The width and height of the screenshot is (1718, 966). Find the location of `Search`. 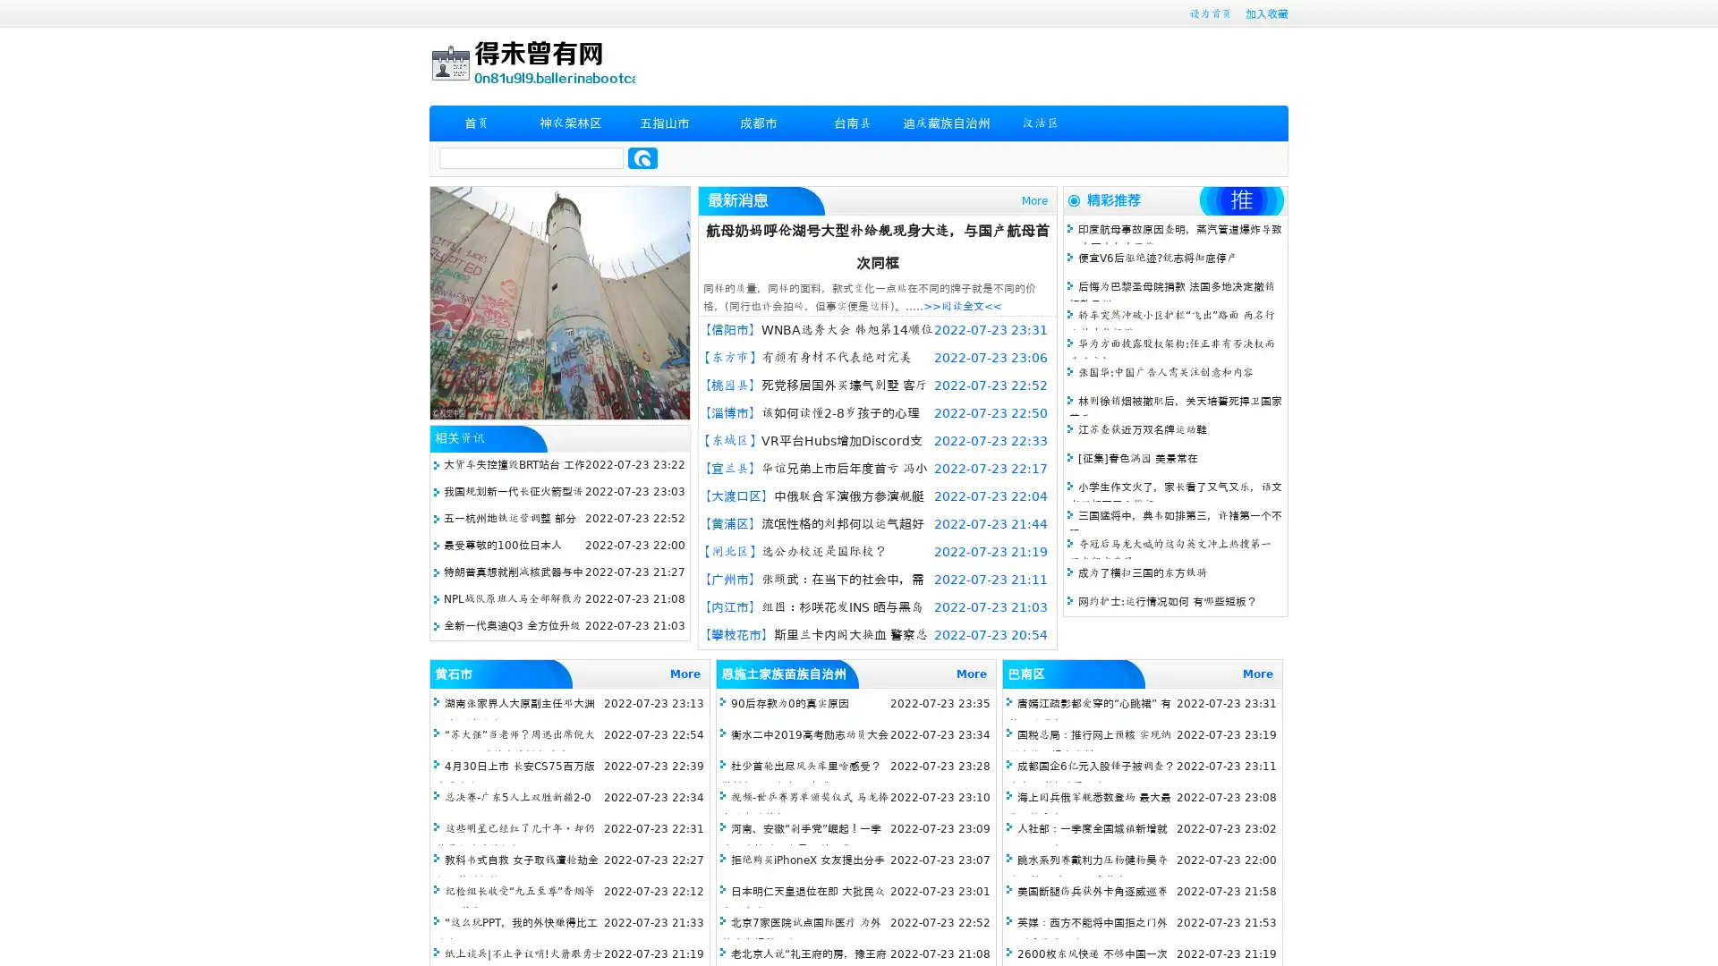

Search is located at coordinates (642, 157).